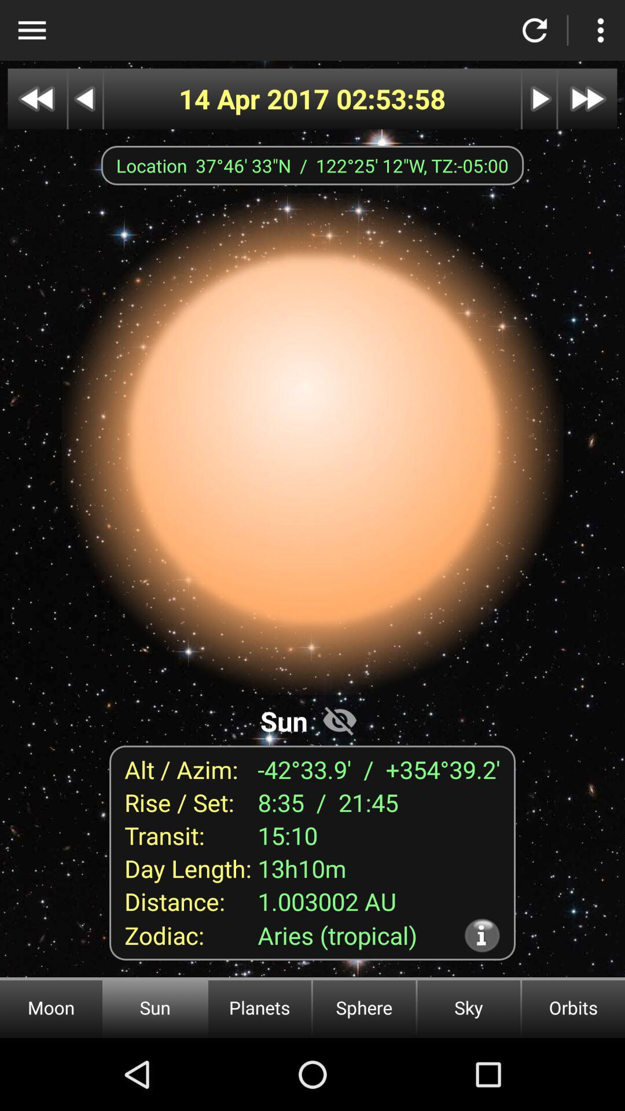  Describe the element at coordinates (36, 99) in the screenshot. I see `previous` at that location.